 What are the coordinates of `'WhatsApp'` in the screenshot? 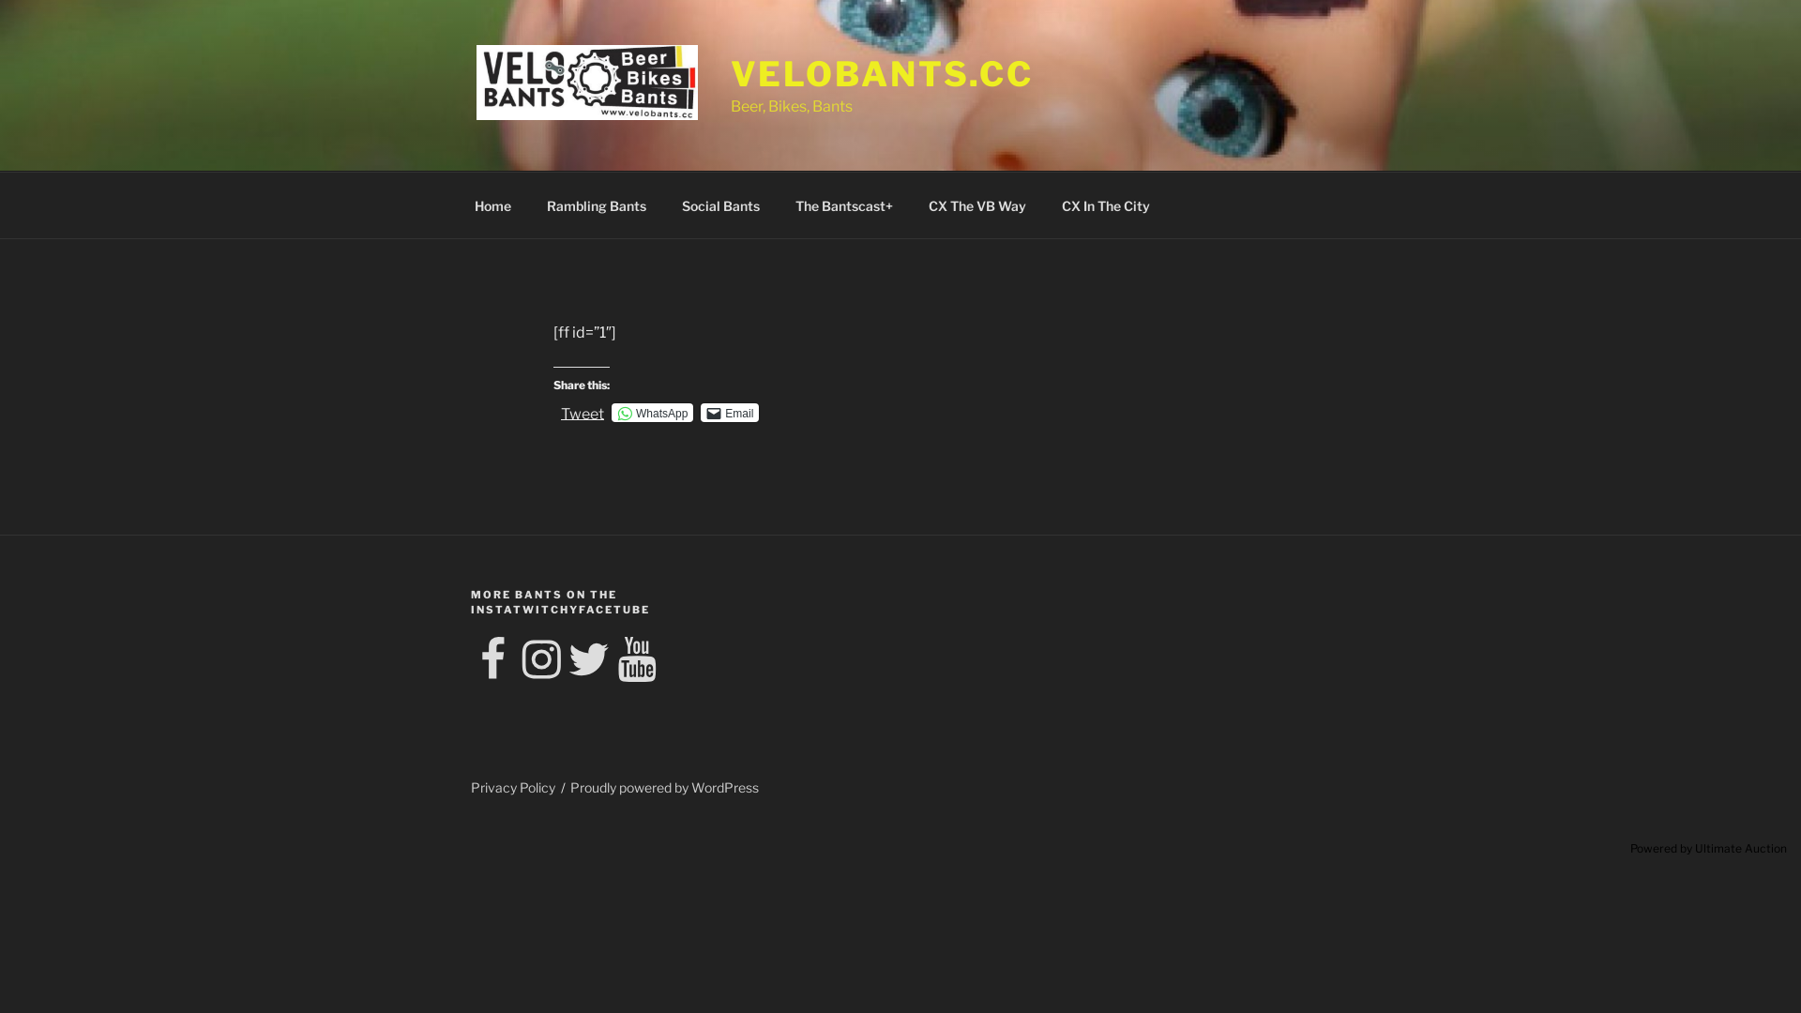 It's located at (652, 411).